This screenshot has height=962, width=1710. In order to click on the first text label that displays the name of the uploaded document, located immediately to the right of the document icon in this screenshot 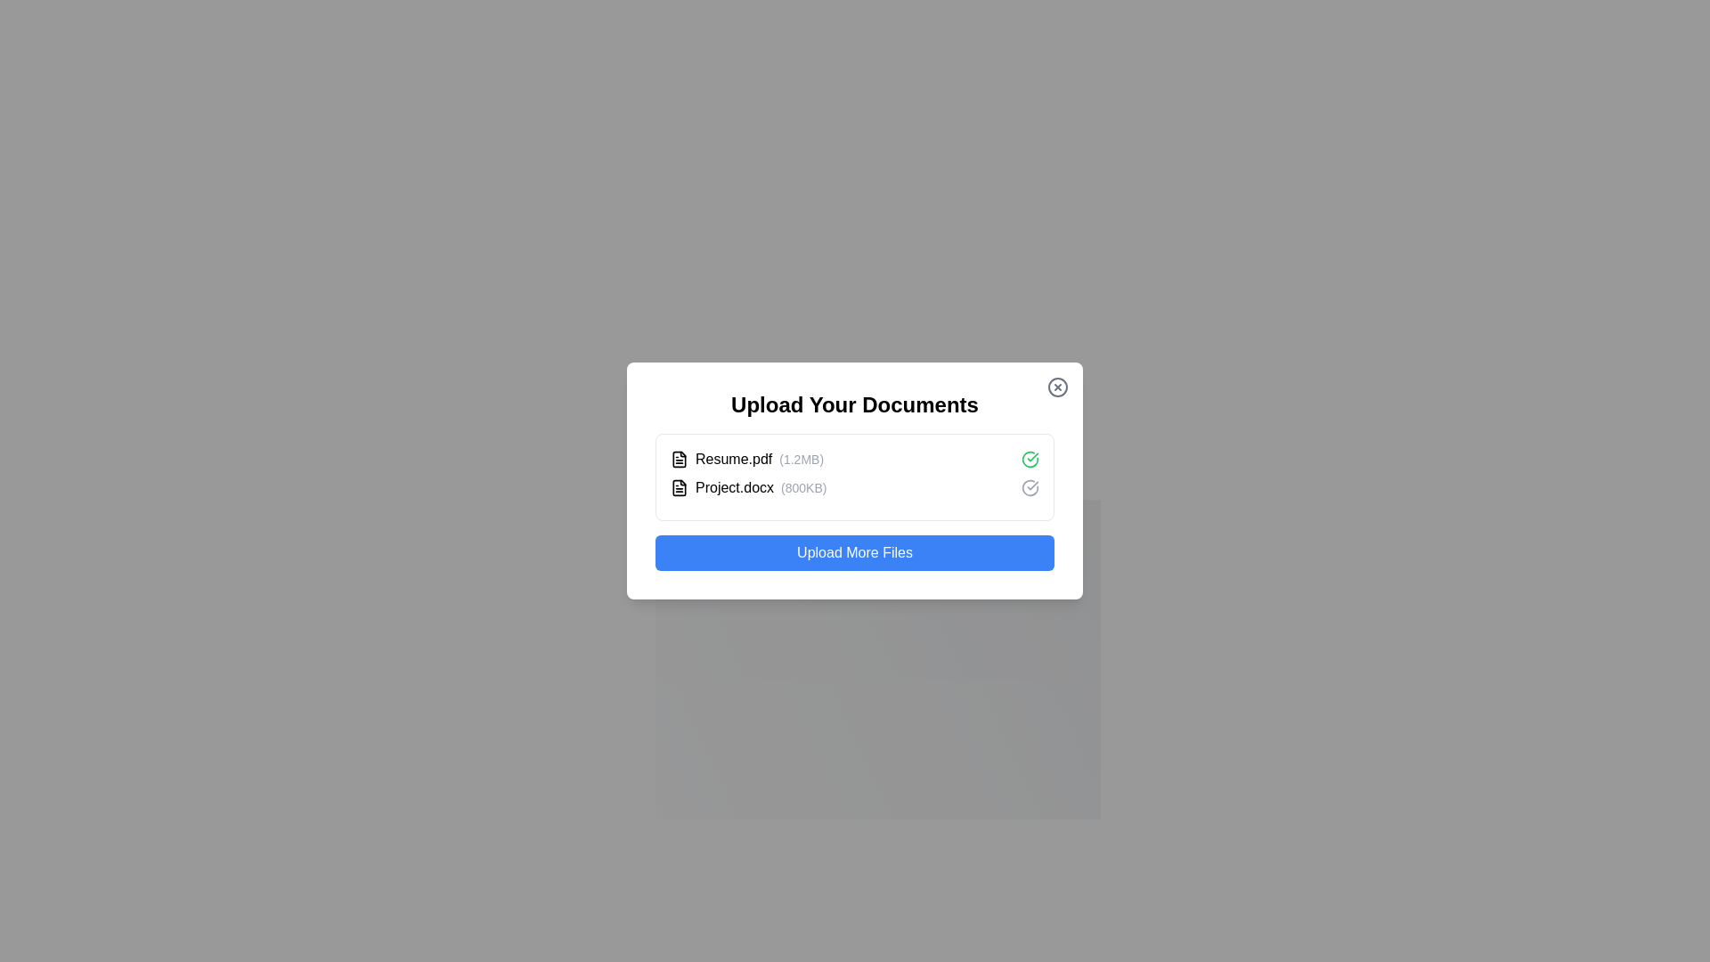, I will do `click(734, 459)`.